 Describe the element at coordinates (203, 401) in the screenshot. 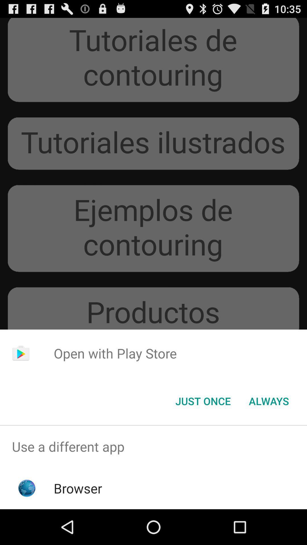

I see `item below the open with play` at that location.